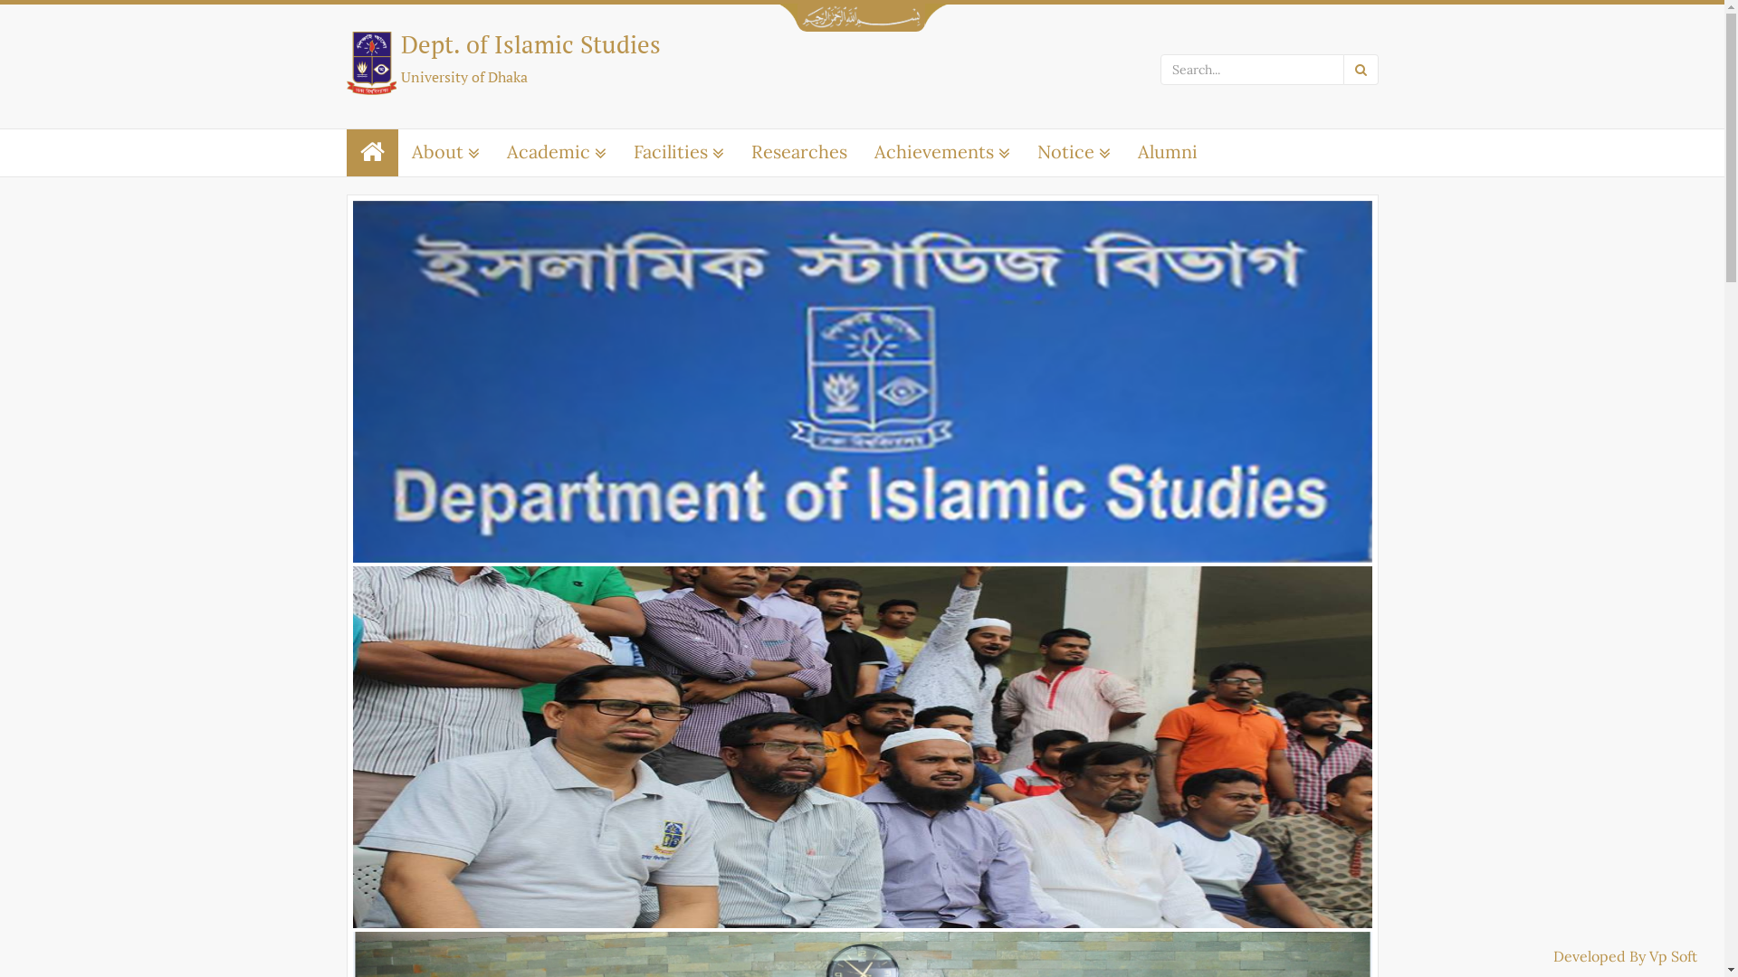 The height and width of the screenshot is (977, 1738). Describe the element at coordinates (797, 150) in the screenshot. I see `'Researches'` at that location.